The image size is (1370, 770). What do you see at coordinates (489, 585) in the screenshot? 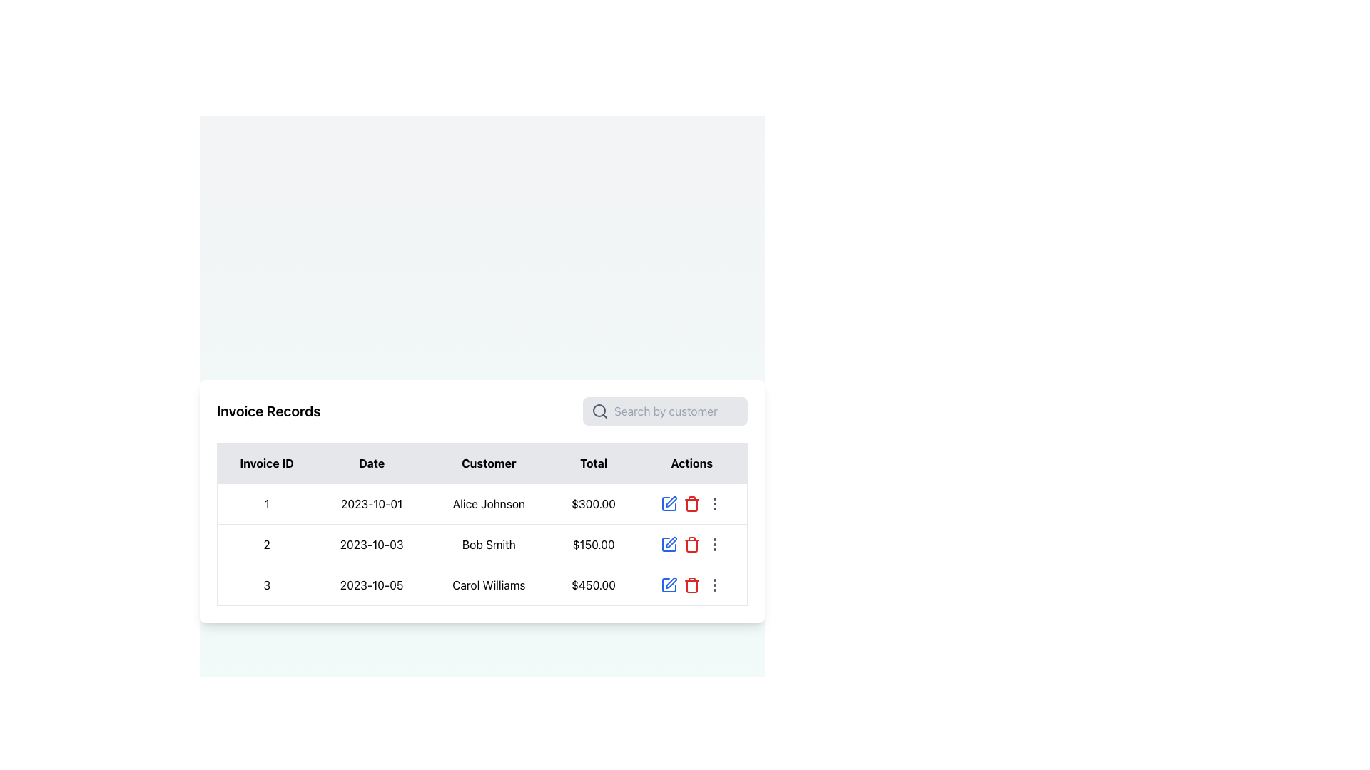
I see `the table cell containing the text 'Carol Williams' in the 'Customer' column of the 'Invoice Records' table` at bounding box center [489, 585].